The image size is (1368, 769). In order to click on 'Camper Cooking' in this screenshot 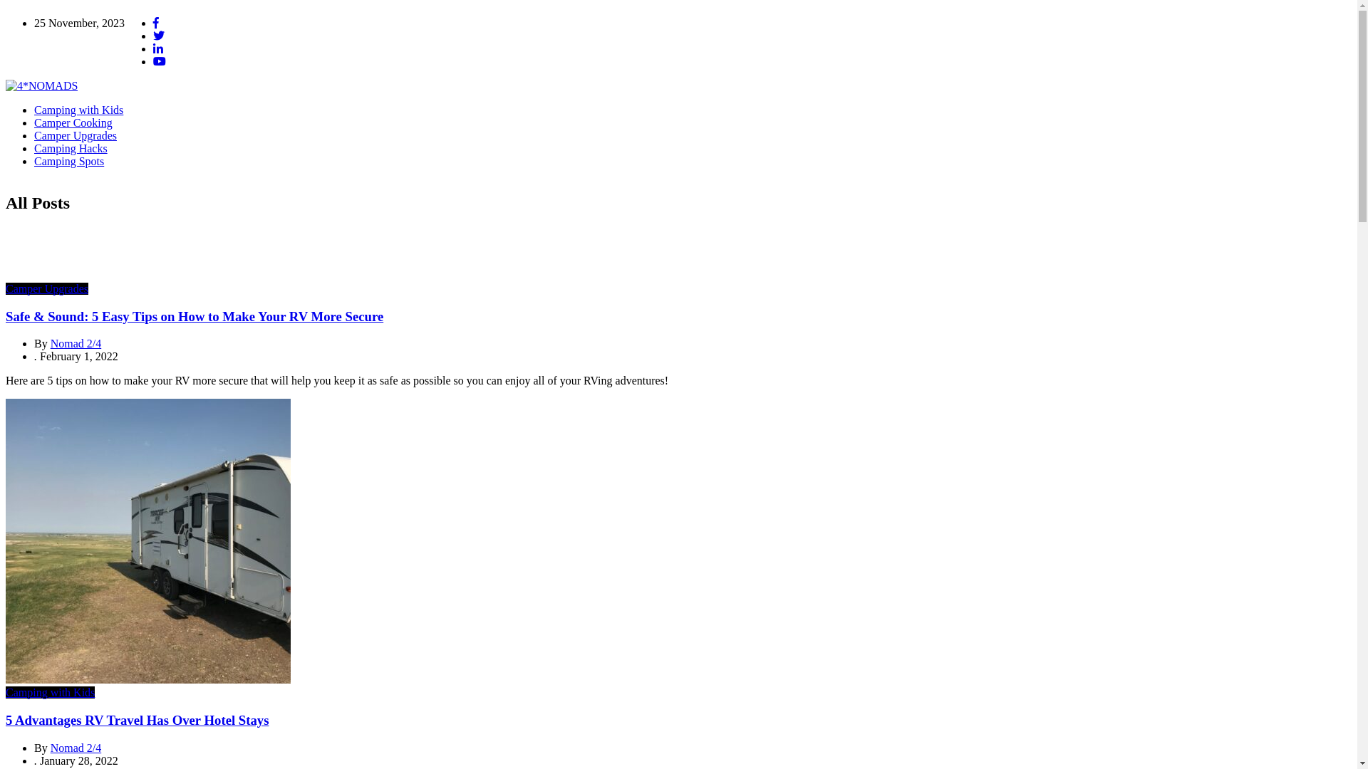, I will do `click(72, 122)`.